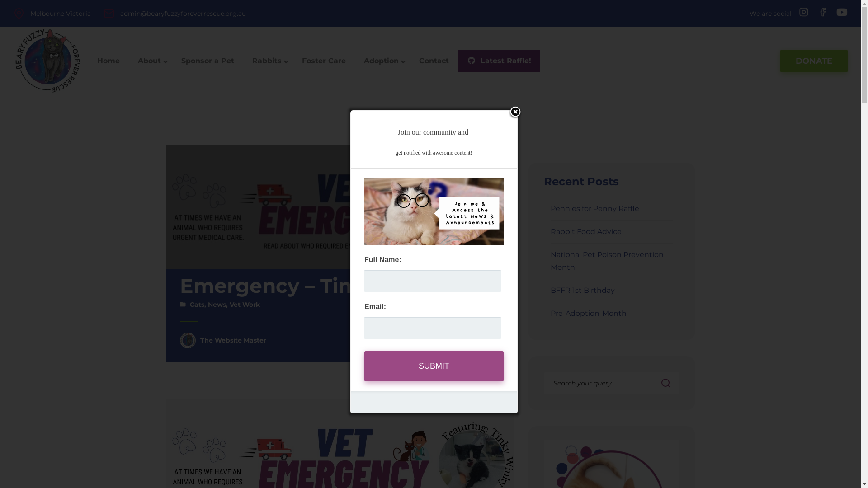 The height and width of the screenshot is (488, 868). I want to click on 'Pennies for Penny Raffle', so click(550, 208).